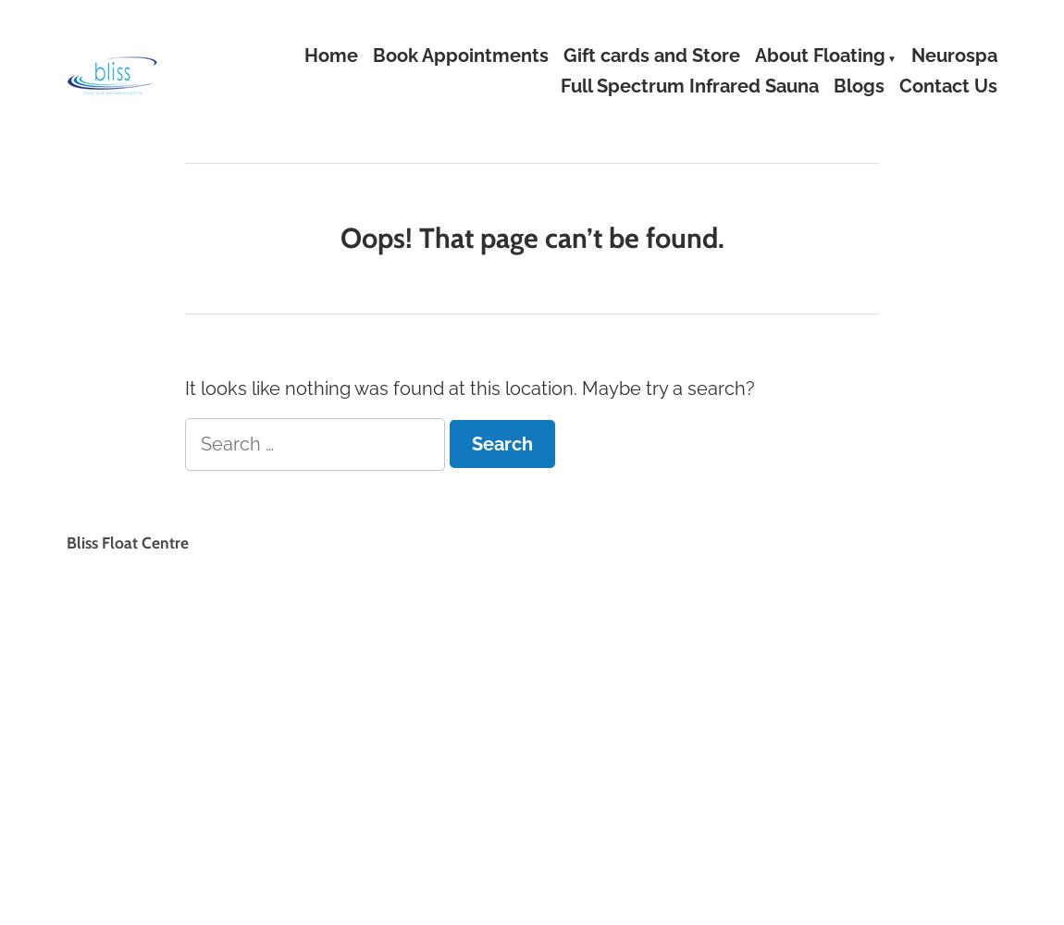 The image size is (1064, 925). Describe the element at coordinates (195, 65) in the screenshot. I see `'Float Therapy, Infrared Sauna, Neurospa.'` at that location.